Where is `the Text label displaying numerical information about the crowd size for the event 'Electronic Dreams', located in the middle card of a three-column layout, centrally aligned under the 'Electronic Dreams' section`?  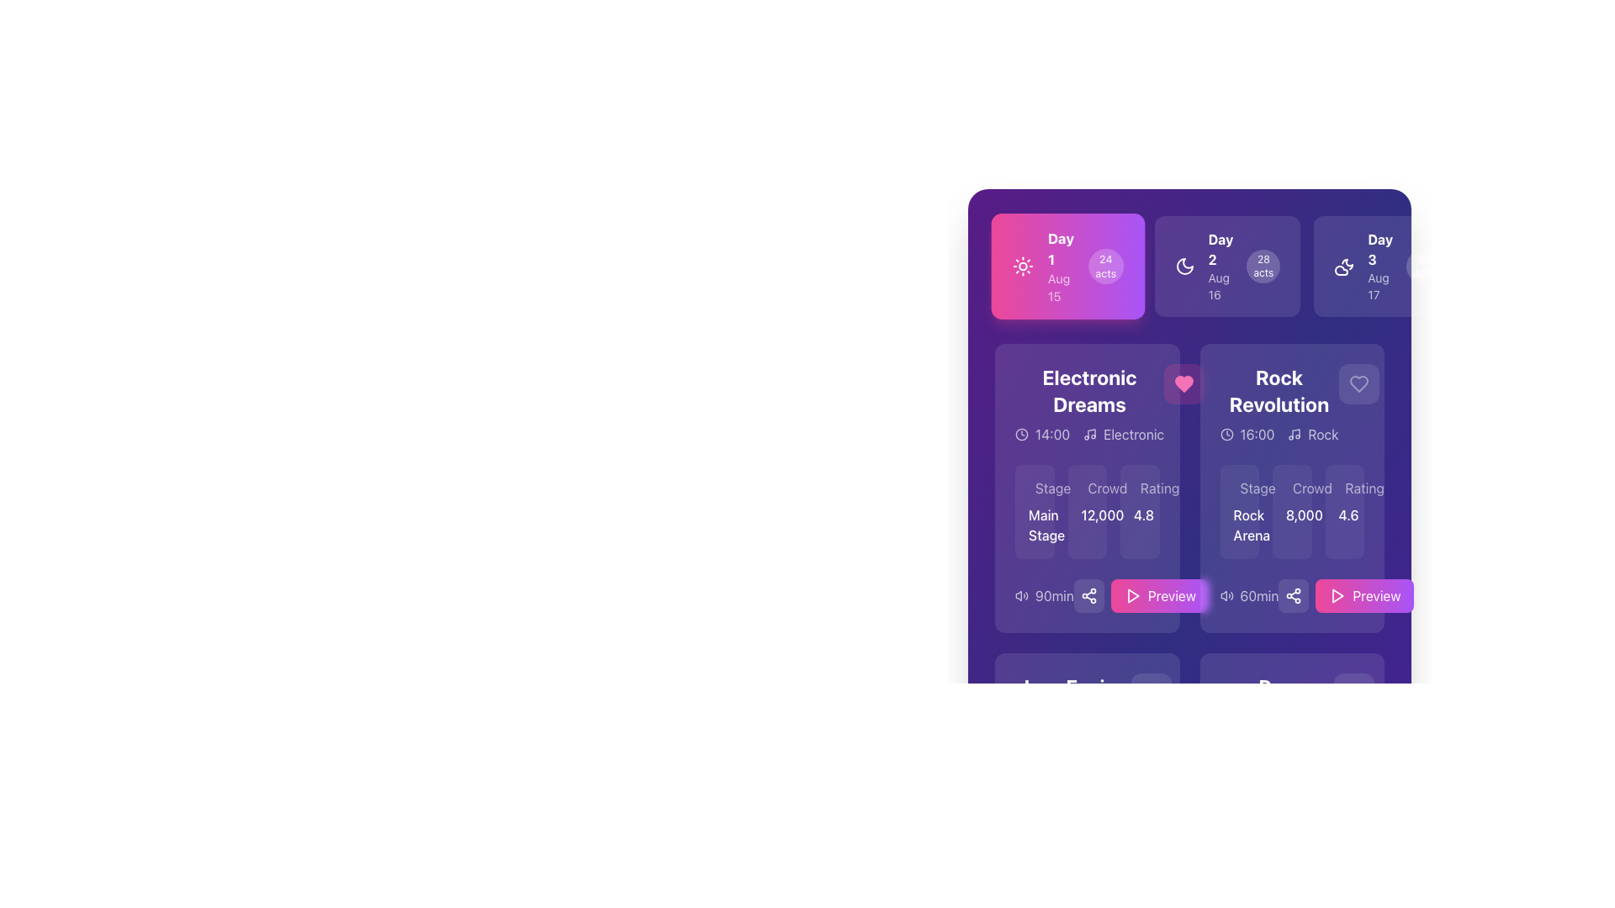
the Text label displaying numerical information about the crowd size for the event 'Electronic Dreams', located in the middle card of a three-column layout, centrally aligned under the 'Electronic Dreams' section is located at coordinates (1087, 511).